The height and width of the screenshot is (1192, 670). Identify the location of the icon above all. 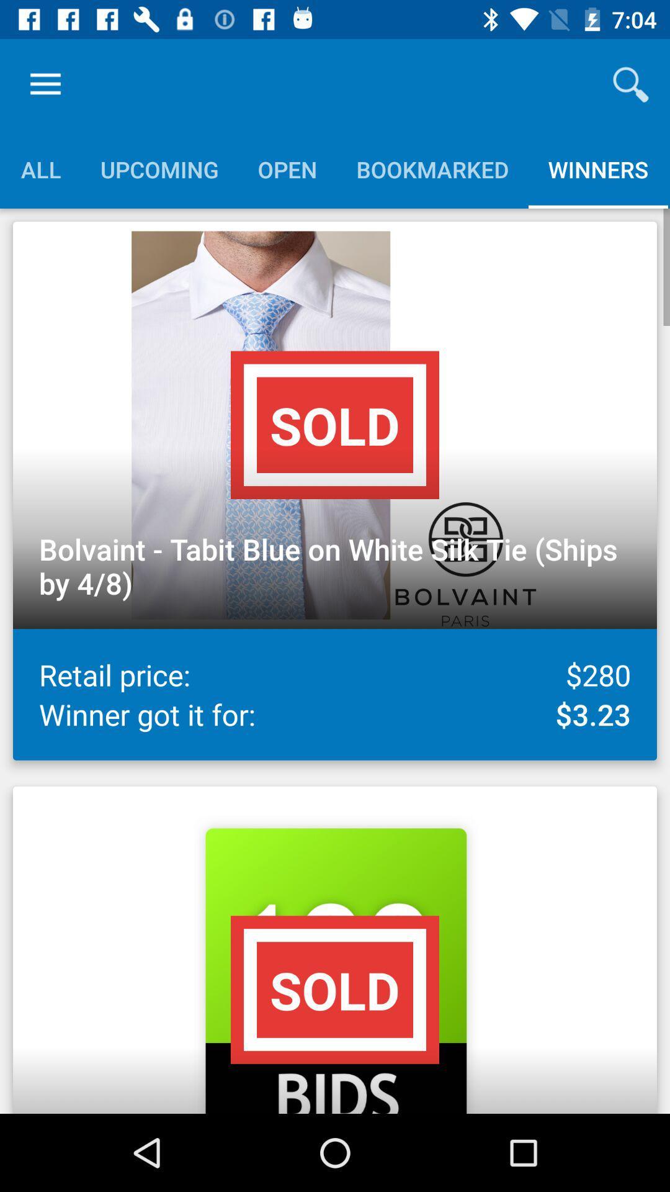
(45, 84).